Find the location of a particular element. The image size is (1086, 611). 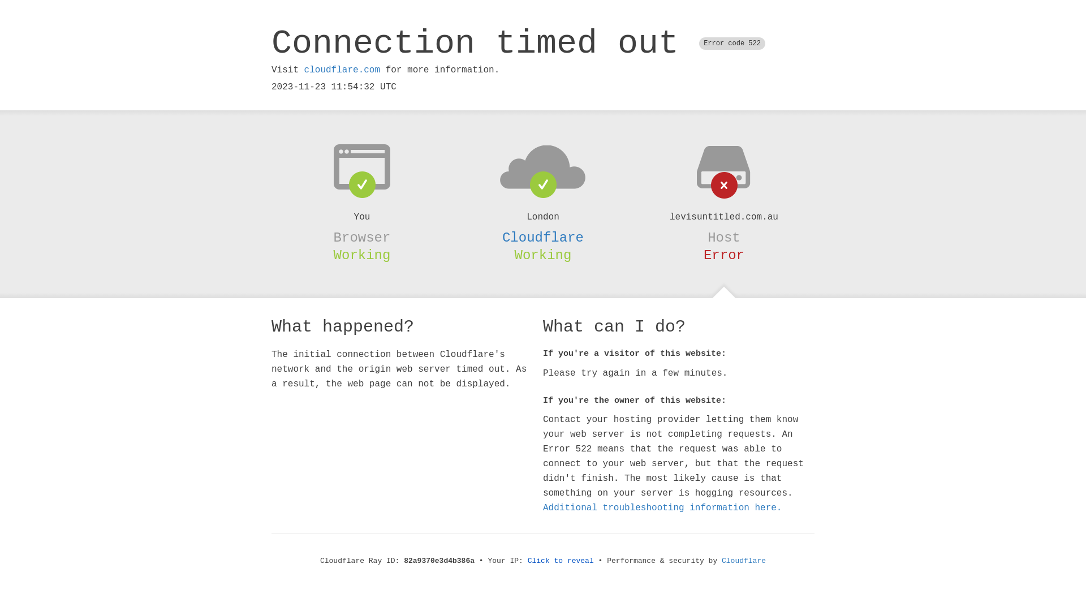

'Additional troubleshooting information here.' is located at coordinates (662, 507).